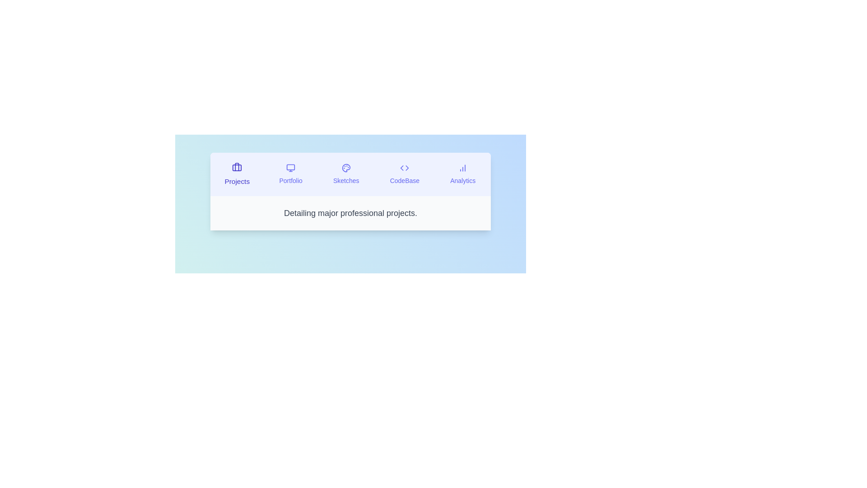 This screenshot has width=867, height=488. I want to click on the tab labeled Sketches to observe visual changes, so click(345, 174).